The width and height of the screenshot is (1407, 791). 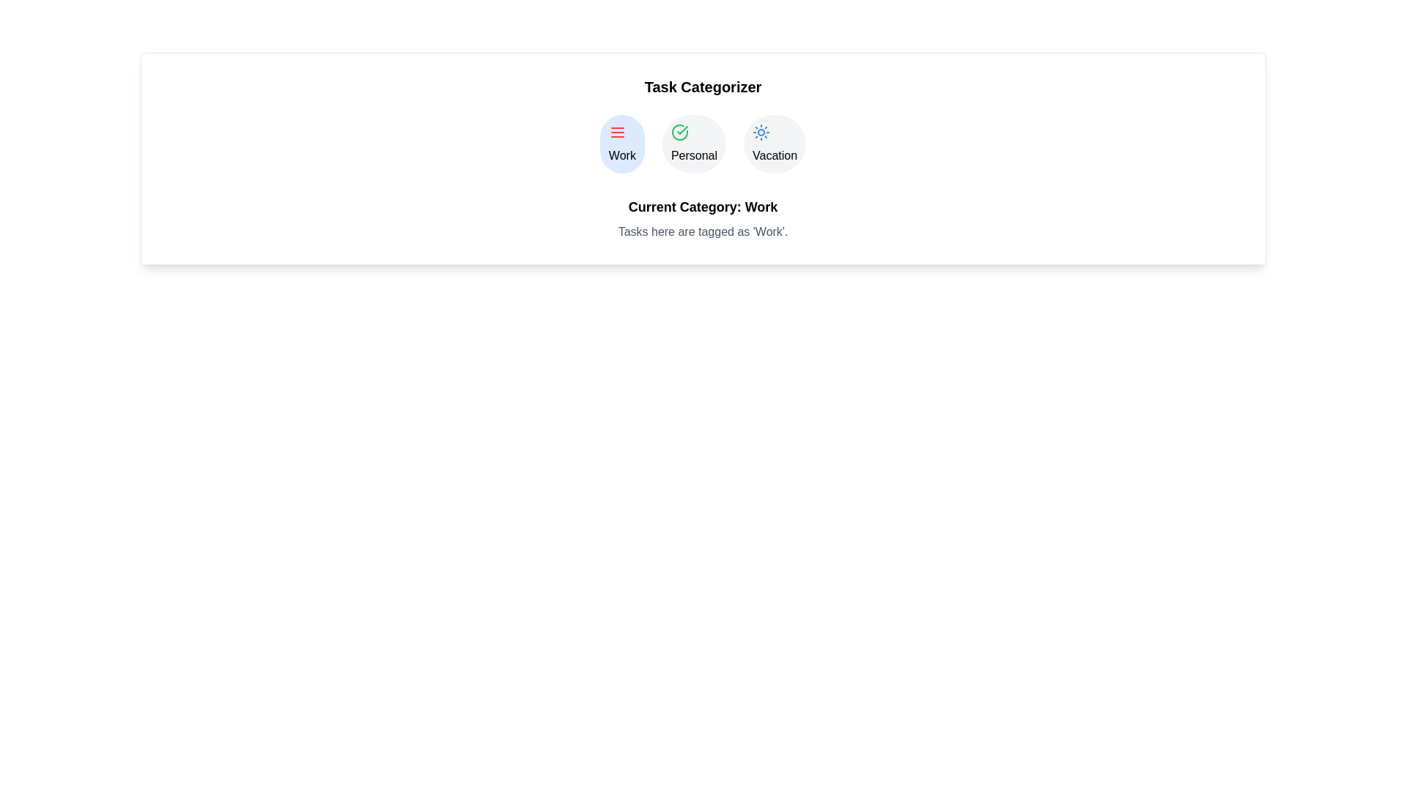 What do you see at coordinates (774, 144) in the screenshot?
I see `the 'Vacation' button` at bounding box center [774, 144].